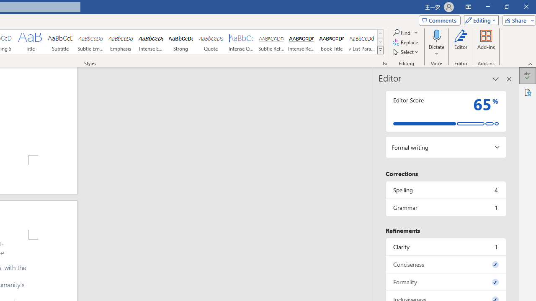  What do you see at coordinates (120, 42) in the screenshot?
I see `'Emphasis'` at bounding box center [120, 42].